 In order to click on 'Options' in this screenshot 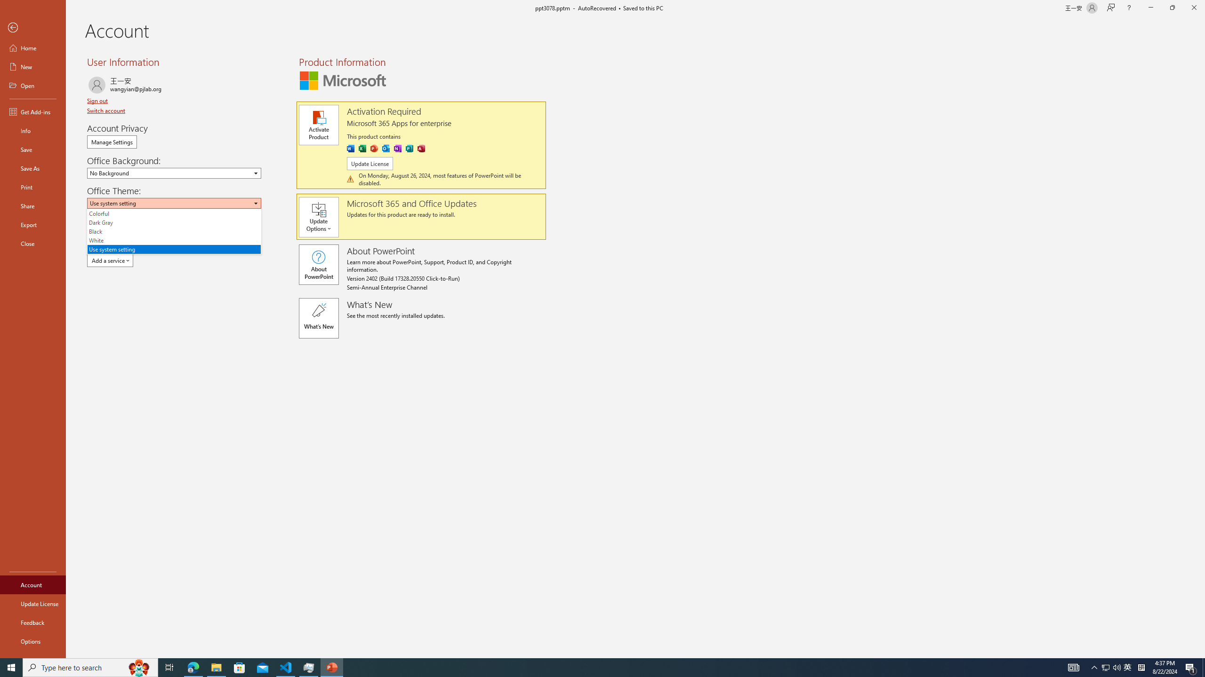, I will do `click(32, 641)`.